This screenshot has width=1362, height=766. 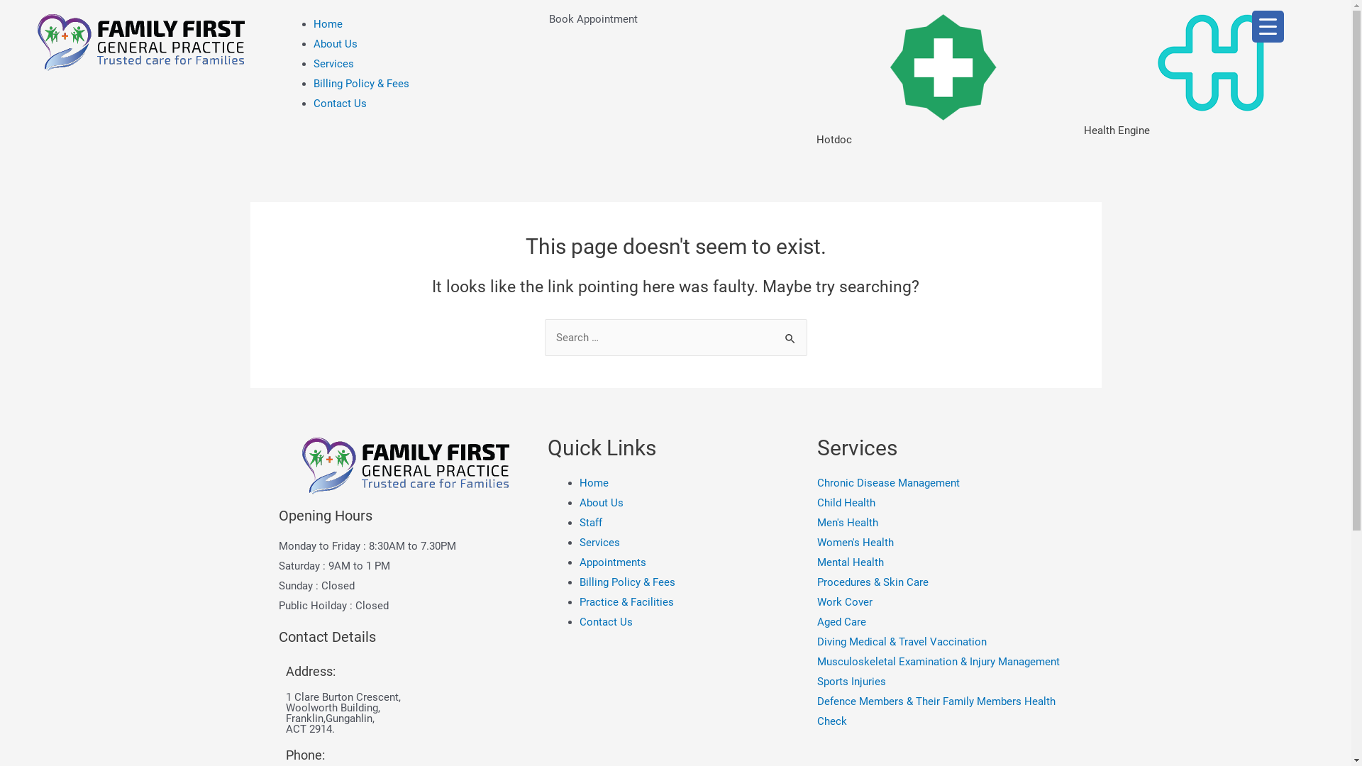 What do you see at coordinates (613, 562) in the screenshot?
I see `'Appointments'` at bounding box center [613, 562].